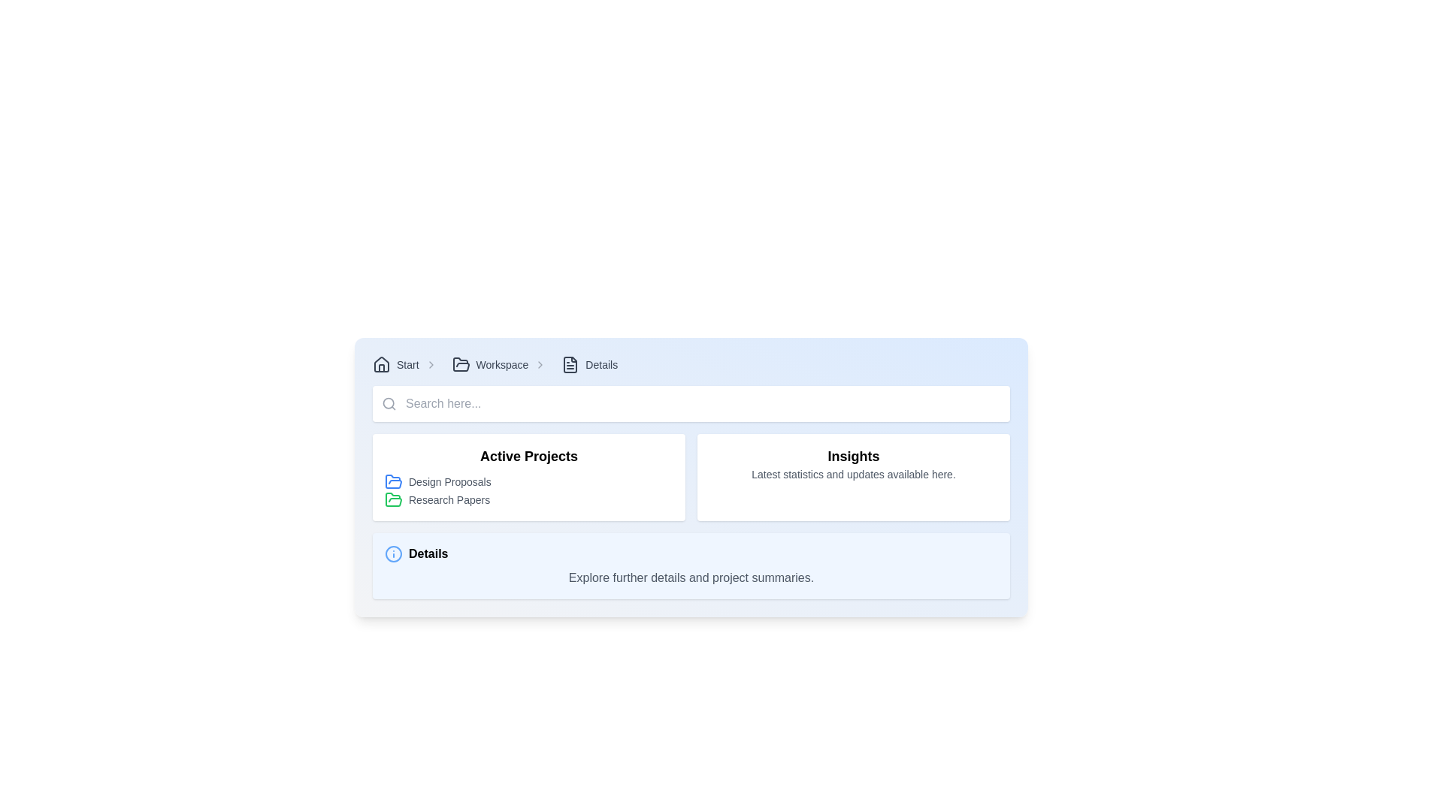 Image resolution: width=1443 pixels, height=811 pixels. Describe the element at coordinates (393, 553) in the screenshot. I see `the informational icon located on the left side of the 'Details' heading in the lower section of the interface` at that location.